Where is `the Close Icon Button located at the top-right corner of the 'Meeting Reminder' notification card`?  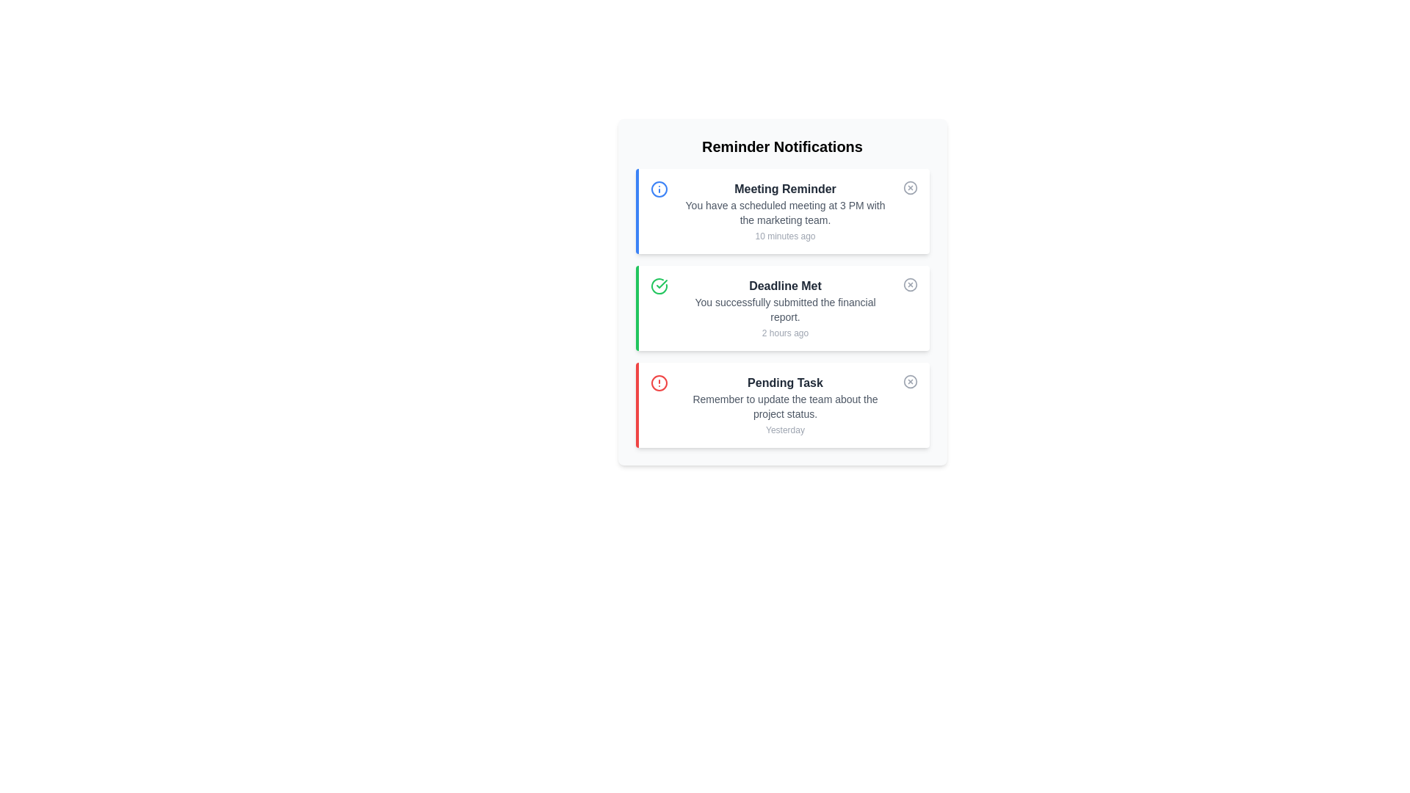
the Close Icon Button located at the top-right corner of the 'Meeting Reminder' notification card is located at coordinates (909, 187).